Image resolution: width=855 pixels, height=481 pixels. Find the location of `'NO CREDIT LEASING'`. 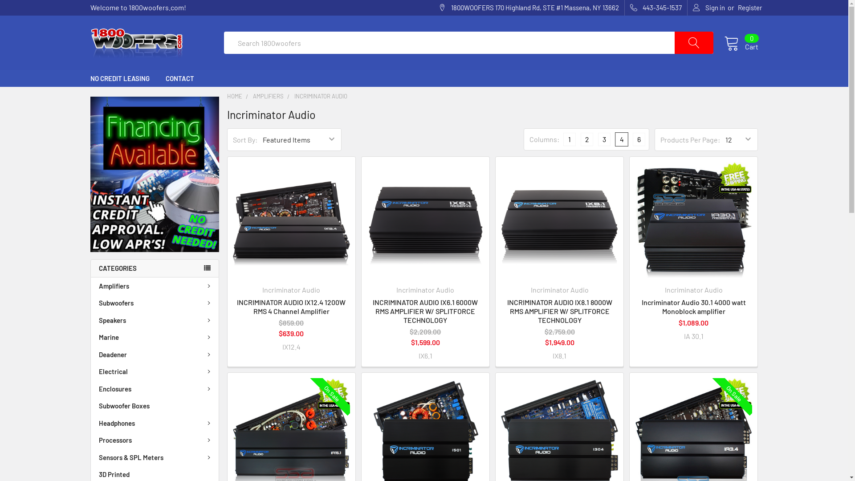

'NO CREDIT LEASING' is located at coordinates (81, 77).